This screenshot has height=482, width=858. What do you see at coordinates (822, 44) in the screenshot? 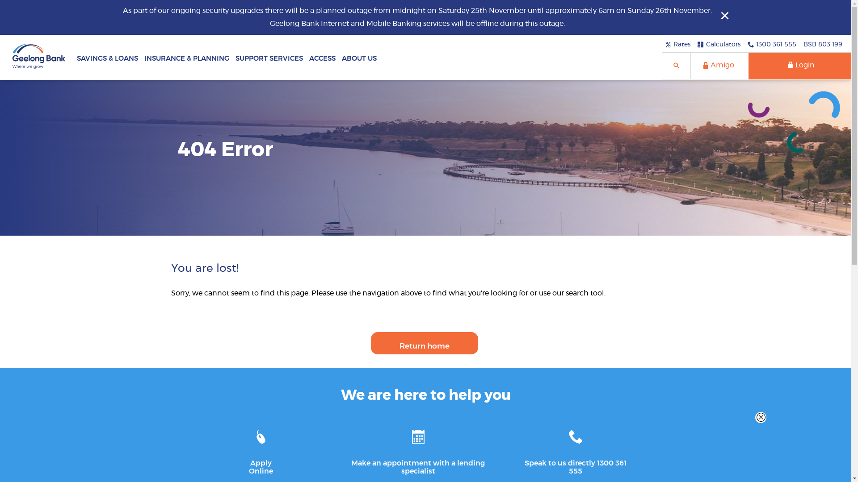
I see `'BSB 803 199'` at bounding box center [822, 44].